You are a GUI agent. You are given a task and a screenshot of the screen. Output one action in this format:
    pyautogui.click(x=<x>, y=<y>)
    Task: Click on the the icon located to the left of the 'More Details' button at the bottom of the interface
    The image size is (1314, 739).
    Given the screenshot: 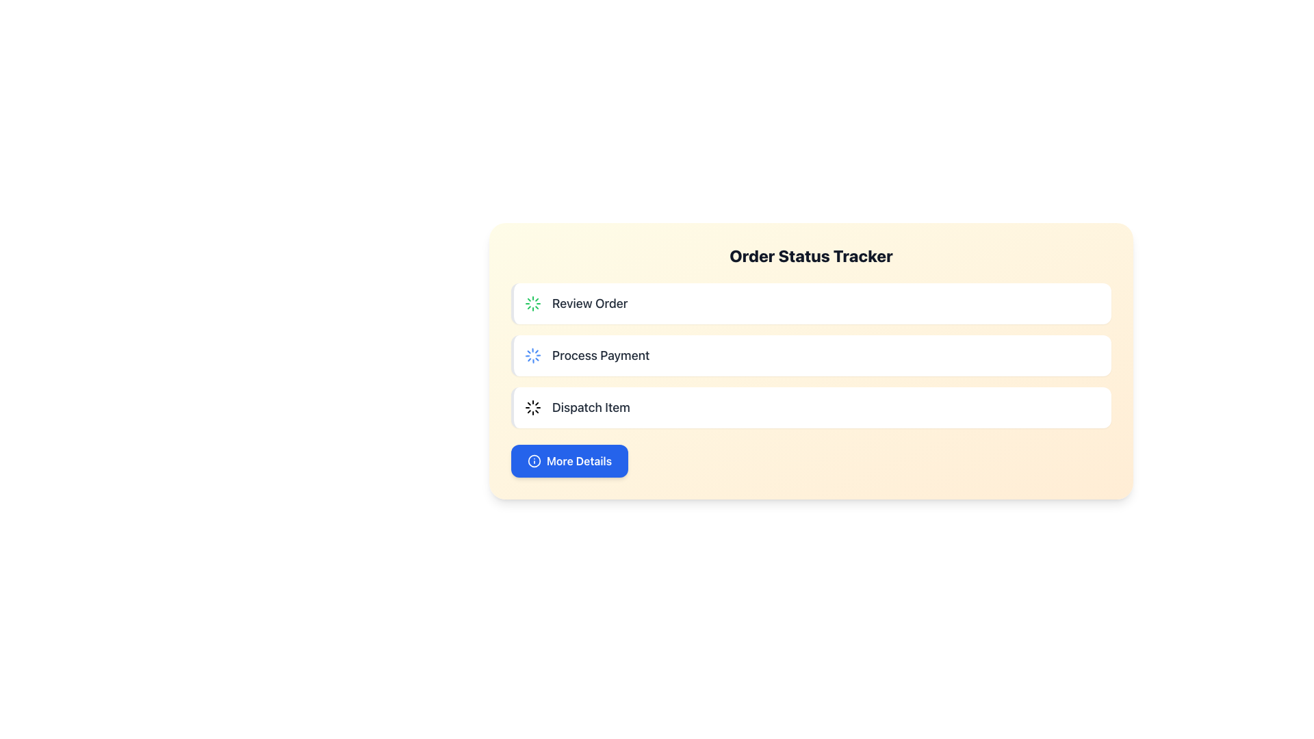 What is the action you would take?
    pyautogui.click(x=534, y=461)
    